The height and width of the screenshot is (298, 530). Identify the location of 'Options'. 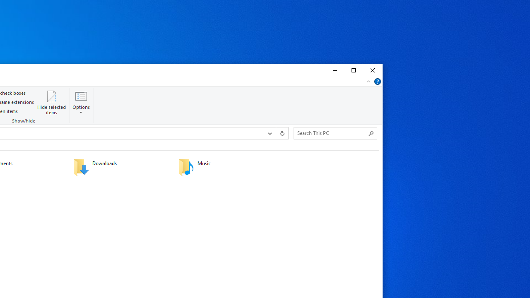
(81, 109).